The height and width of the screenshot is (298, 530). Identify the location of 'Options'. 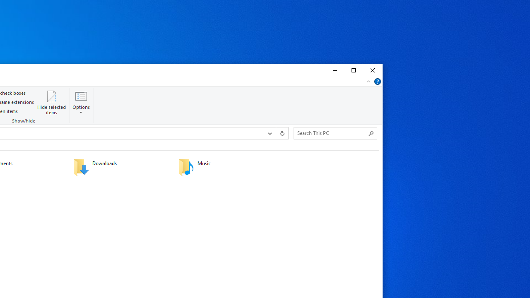
(81, 109).